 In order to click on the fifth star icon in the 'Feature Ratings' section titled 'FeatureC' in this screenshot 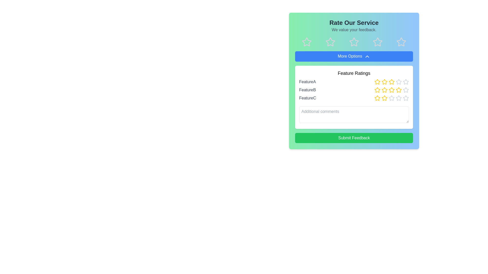, I will do `click(406, 98)`.